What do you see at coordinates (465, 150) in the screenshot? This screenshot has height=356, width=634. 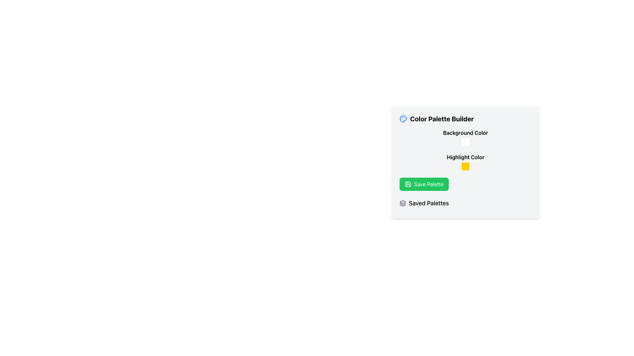 I see `the color blocks in the 'Color Palette Builder' section, specifically the square blocks for 'Background Color' (white) and 'Highlight Color' (yellow)` at bounding box center [465, 150].